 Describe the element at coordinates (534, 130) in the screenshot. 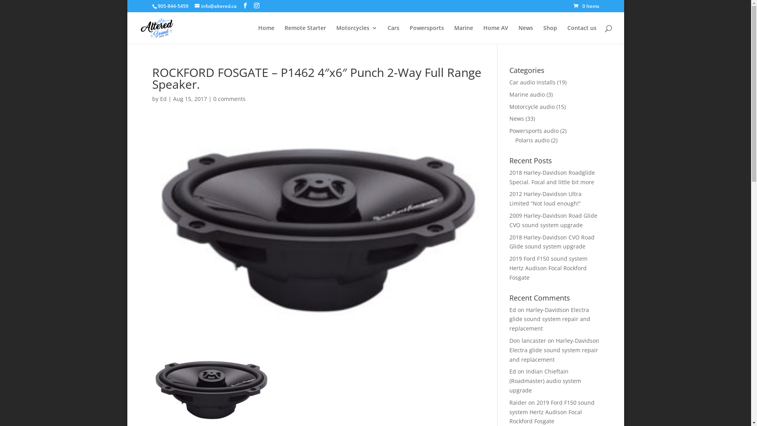

I see `'Powersports audio'` at that location.